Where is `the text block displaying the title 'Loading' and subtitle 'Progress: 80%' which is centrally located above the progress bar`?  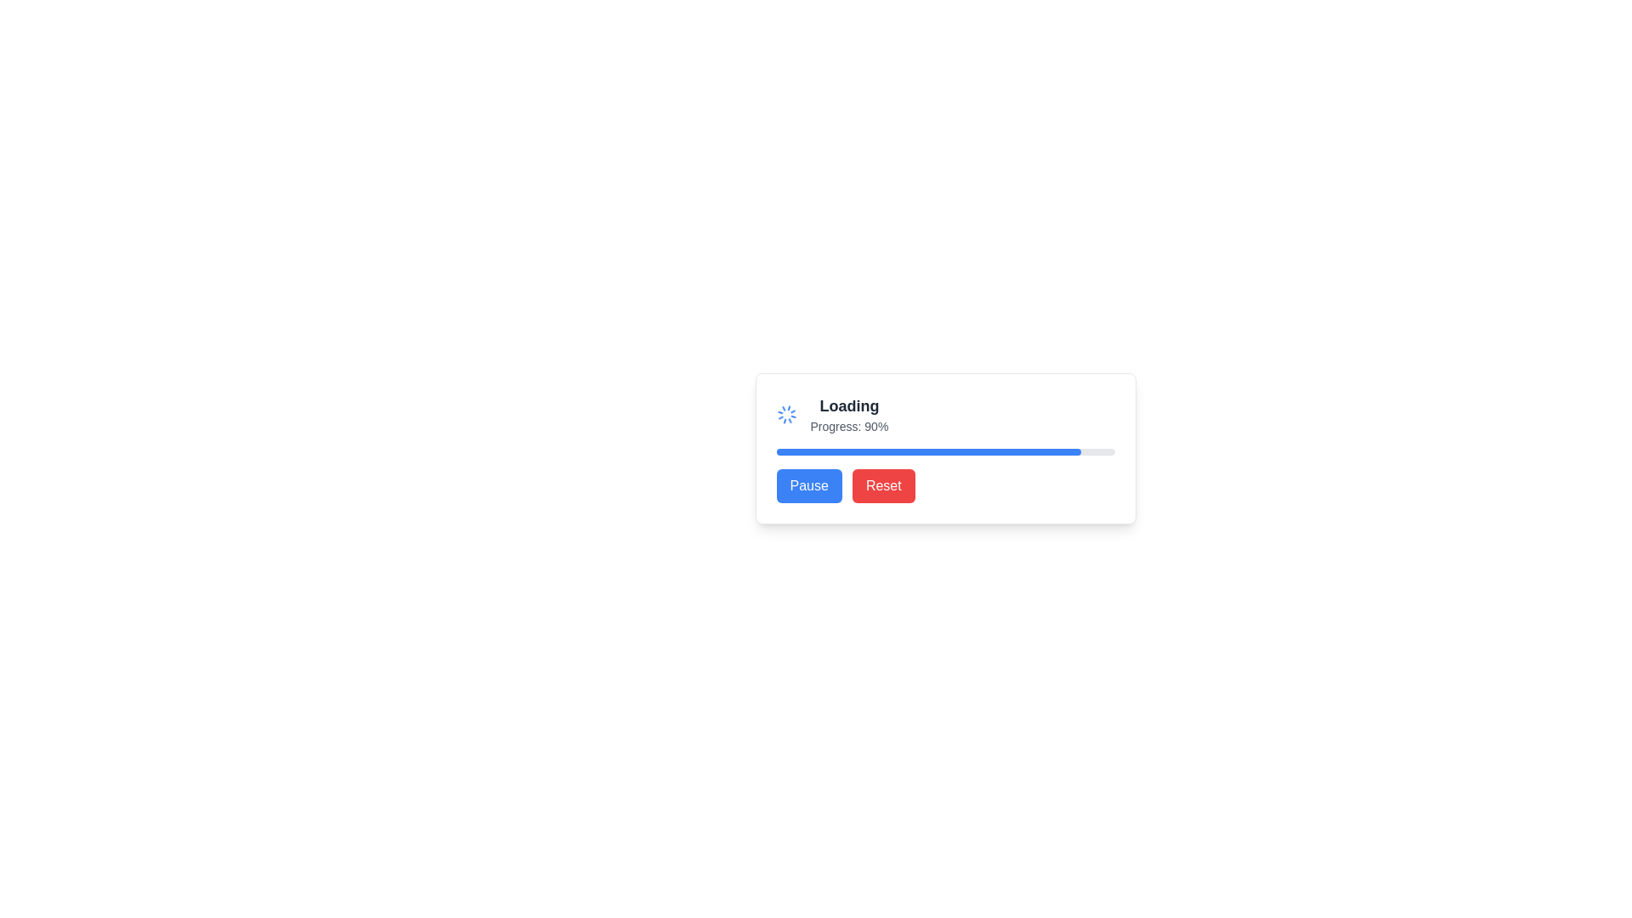 the text block displaying the title 'Loading' and subtitle 'Progress: 80%' which is centrally located above the progress bar is located at coordinates (849, 415).